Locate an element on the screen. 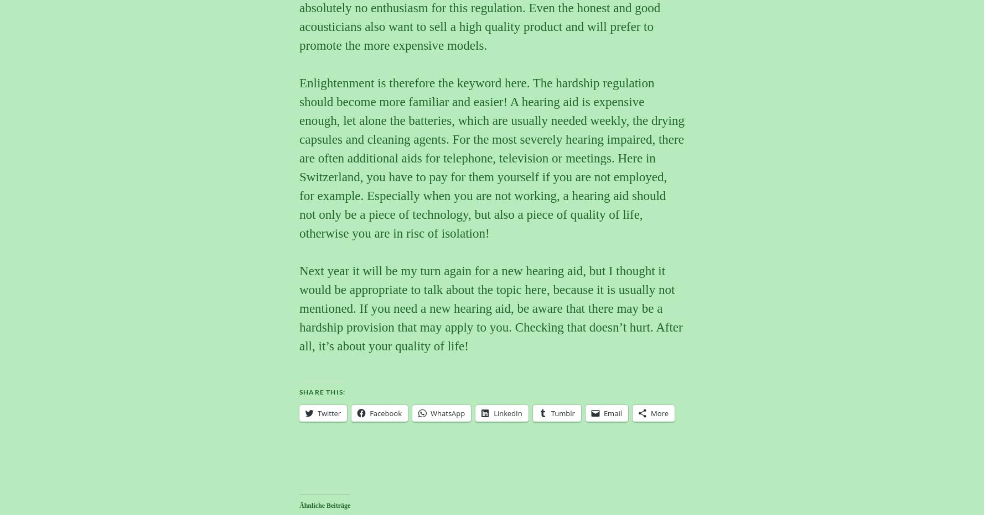 This screenshot has height=515, width=984. 'LinkedIn' is located at coordinates (507, 412).